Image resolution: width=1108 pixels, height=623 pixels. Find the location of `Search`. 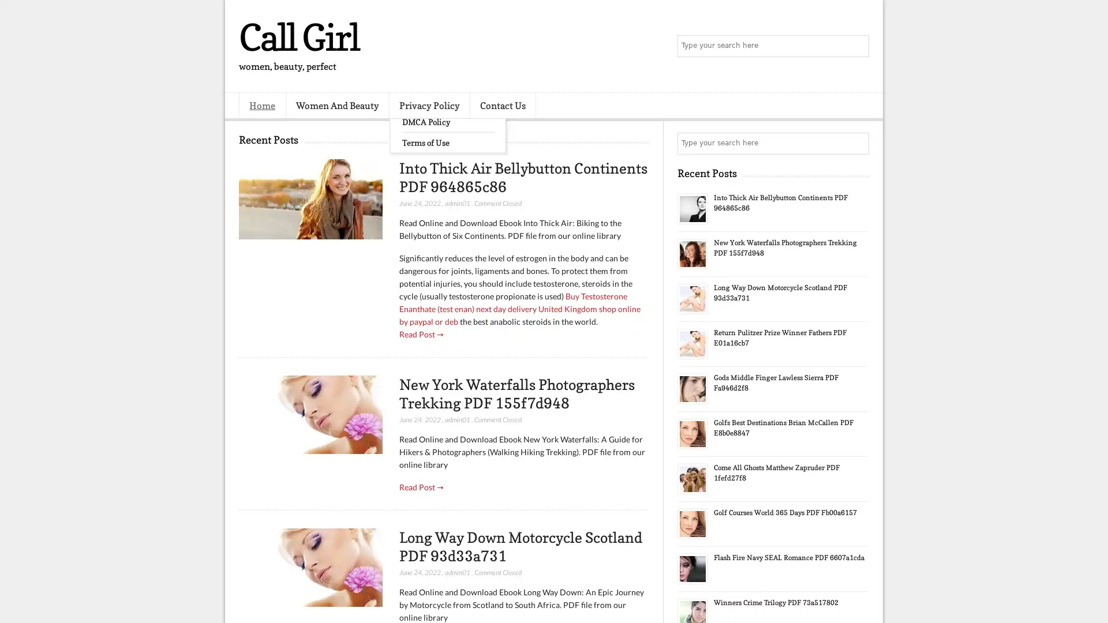

Search is located at coordinates (857, 46).